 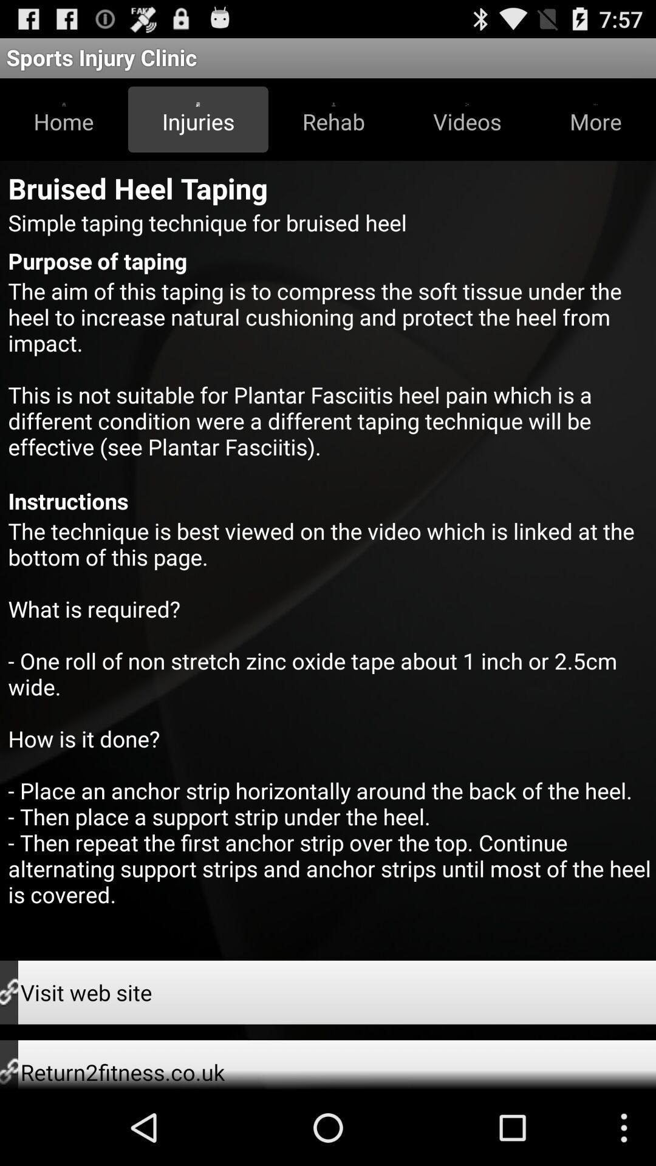 What do you see at coordinates (466, 119) in the screenshot?
I see `button to the left of more` at bounding box center [466, 119].